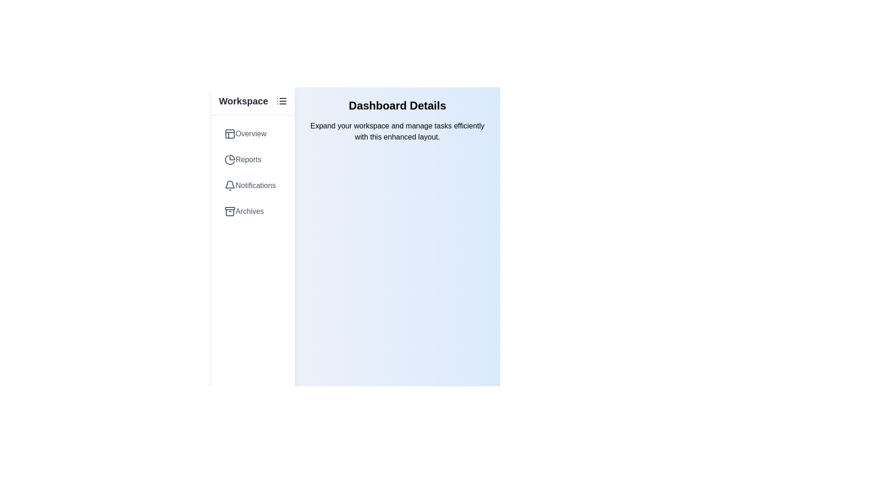 Image resolution: width=887 pixels, height=499 pixels. Describe the element at coordinates (253, 159) in the screenshot. I see `the item labeled Reports in the list` at that location.